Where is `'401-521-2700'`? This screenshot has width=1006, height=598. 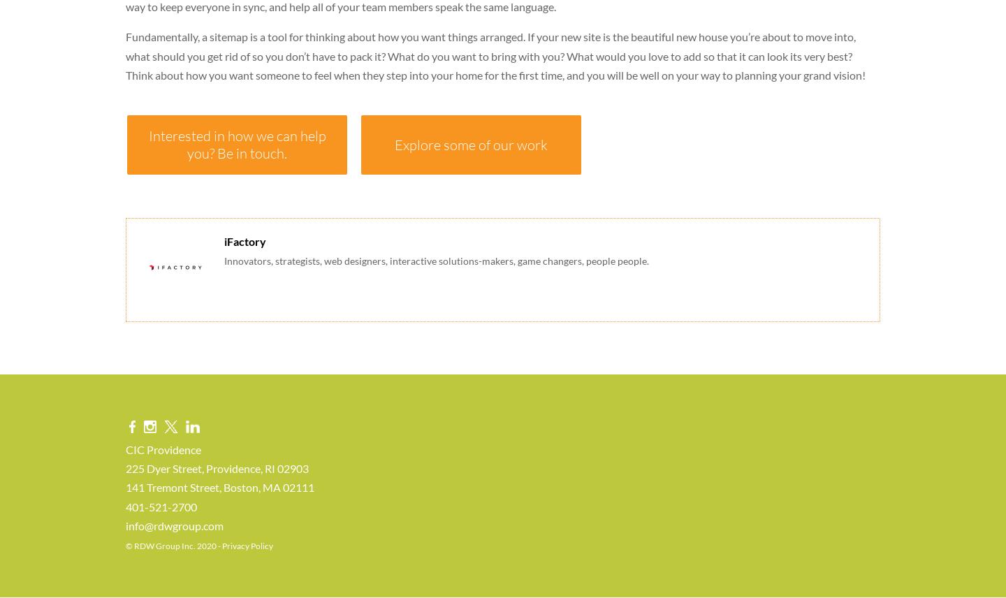 '401-521-2700' is located at coordinates (125, 506).